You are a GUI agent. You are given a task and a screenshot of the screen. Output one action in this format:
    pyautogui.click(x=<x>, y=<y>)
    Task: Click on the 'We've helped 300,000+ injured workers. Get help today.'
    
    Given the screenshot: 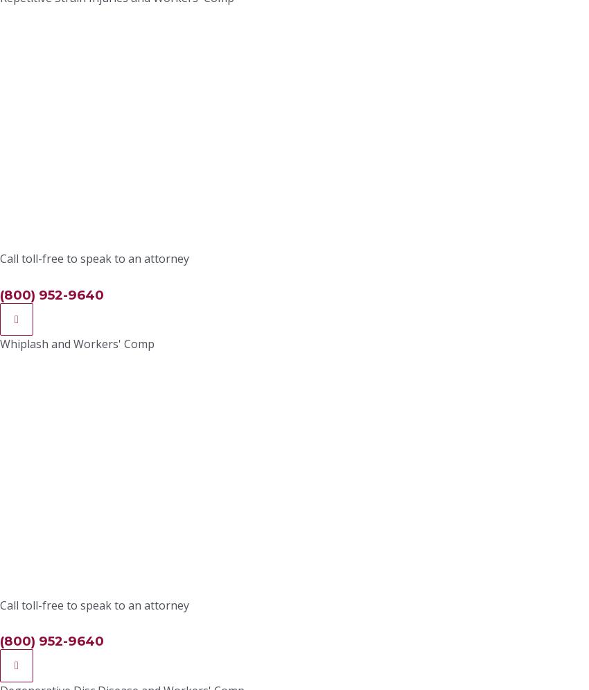 What is the action you would take?
    pyautogui.click(x=294, y=494)
    